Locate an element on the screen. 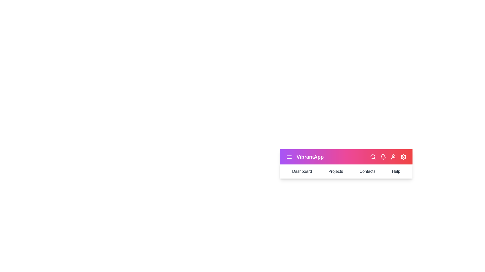 The width and height of the screenshot is (485, 272). the search_icon to reveal its effect is located at coordinates (373, 157).